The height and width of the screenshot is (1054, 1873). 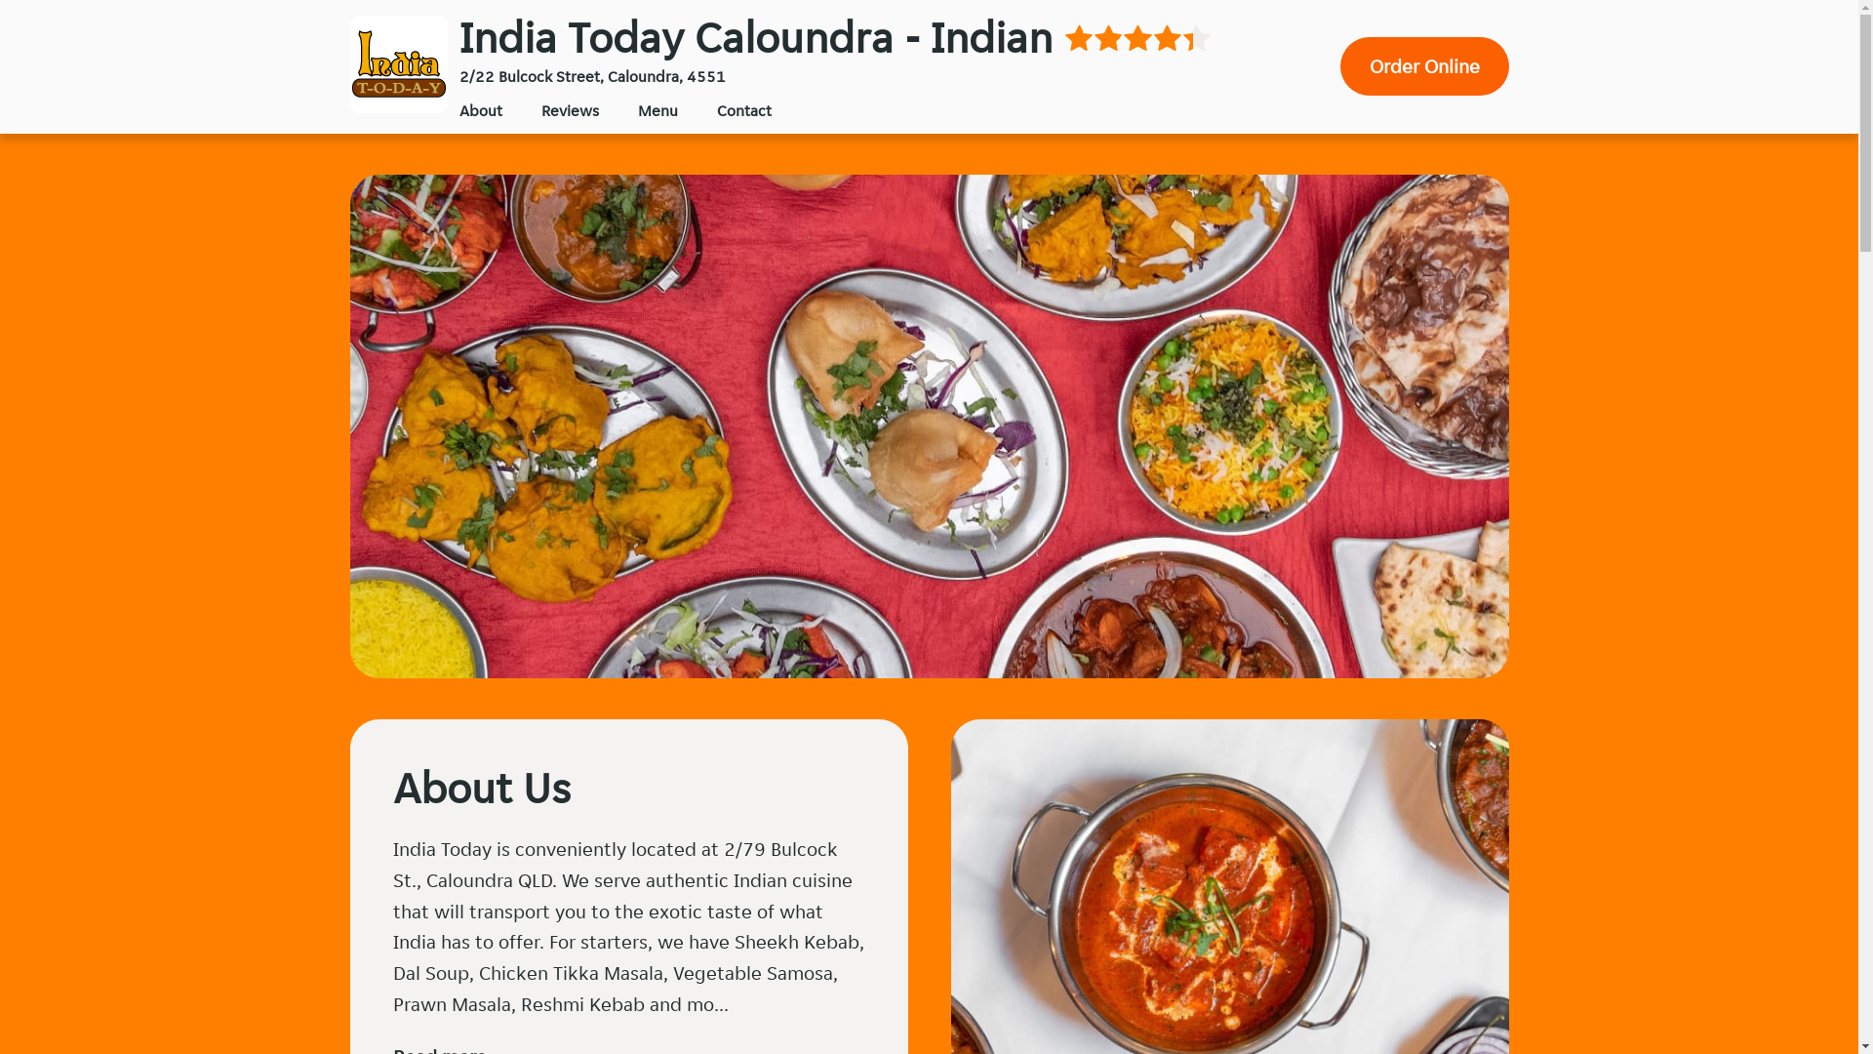 I want to click on 'About', so click(x=479, y=110).